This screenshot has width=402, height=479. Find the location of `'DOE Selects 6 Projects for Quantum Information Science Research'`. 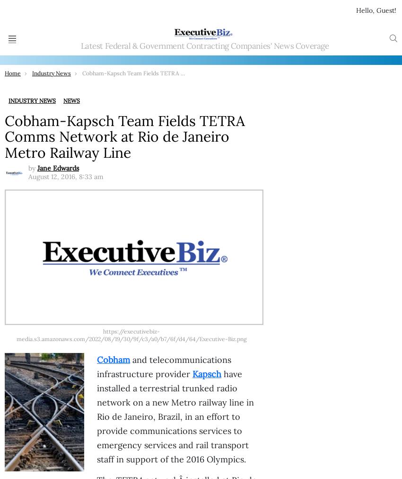

'DOE Selects 6 Projects for Quantum Information Science Research' is located at coordinates (326, 425).